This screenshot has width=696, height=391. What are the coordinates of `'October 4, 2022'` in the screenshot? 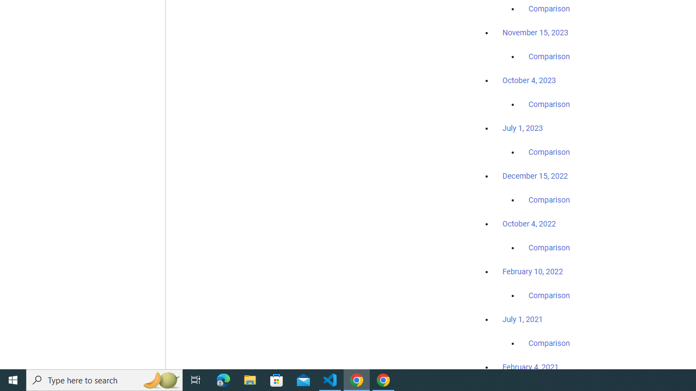 It's located at (529, 223).